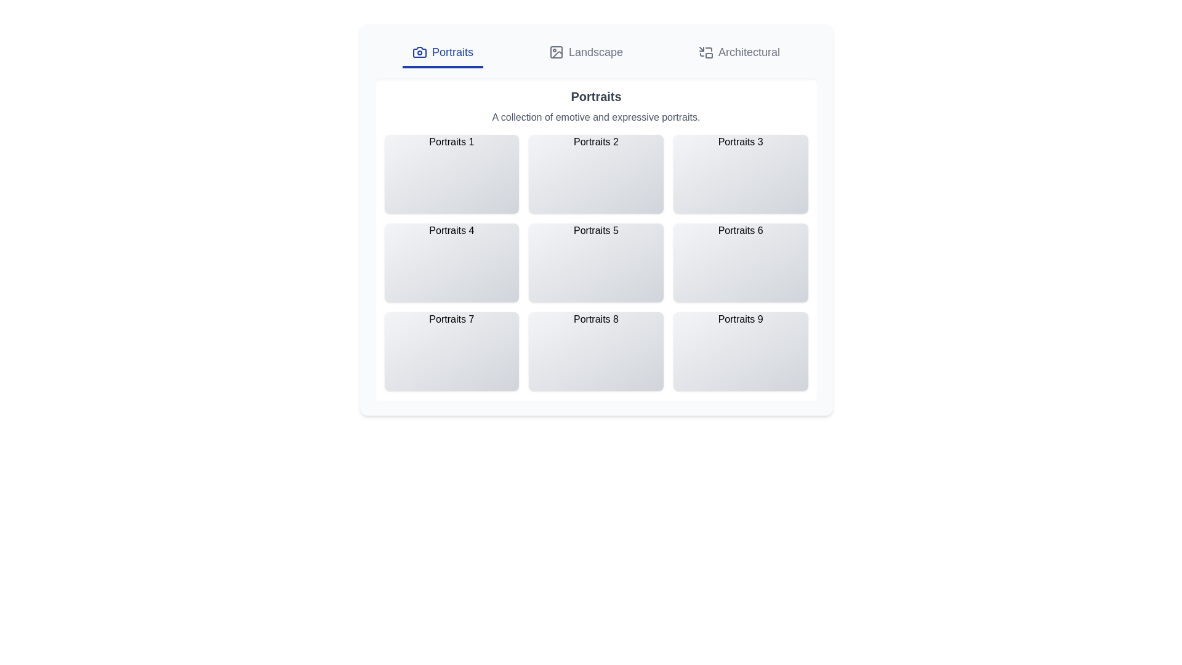  Describe the element at coordinates (739, 53) in the screenshot. I see `the tab labeled Architectural to change the active tab` at that location.